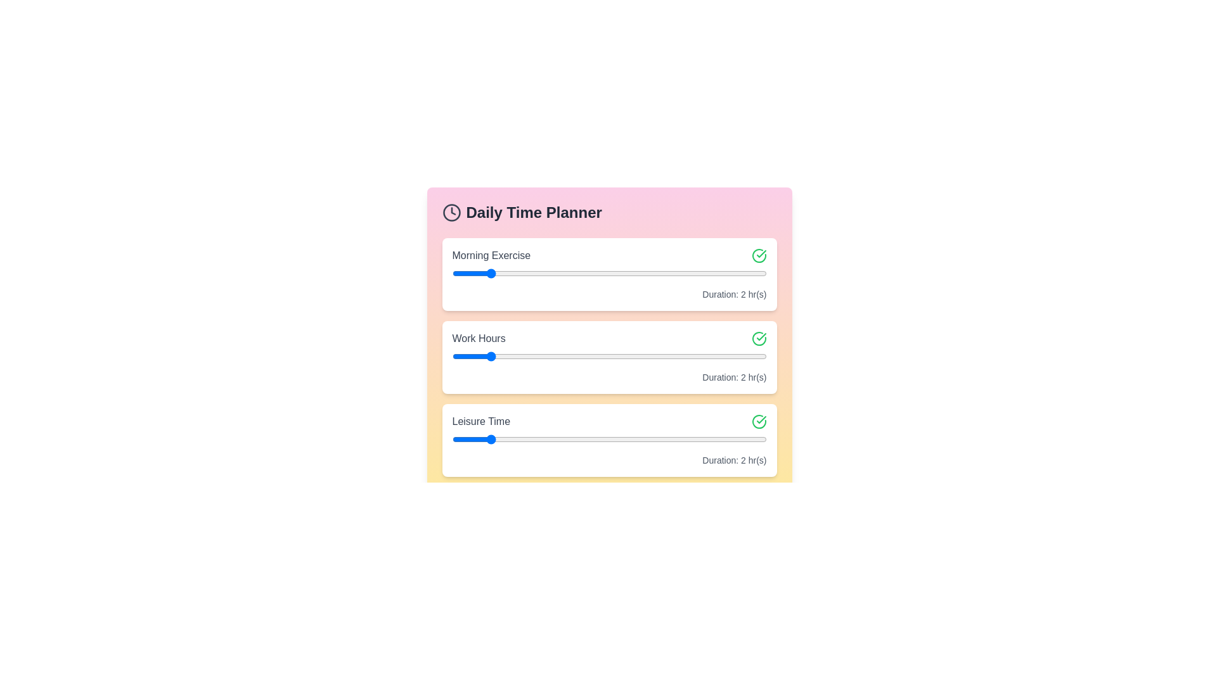 The height and width of the screenshot is (684, 1217). I want to click on the checkmark icon next to the task 'Work Hours', so click(759, 338).